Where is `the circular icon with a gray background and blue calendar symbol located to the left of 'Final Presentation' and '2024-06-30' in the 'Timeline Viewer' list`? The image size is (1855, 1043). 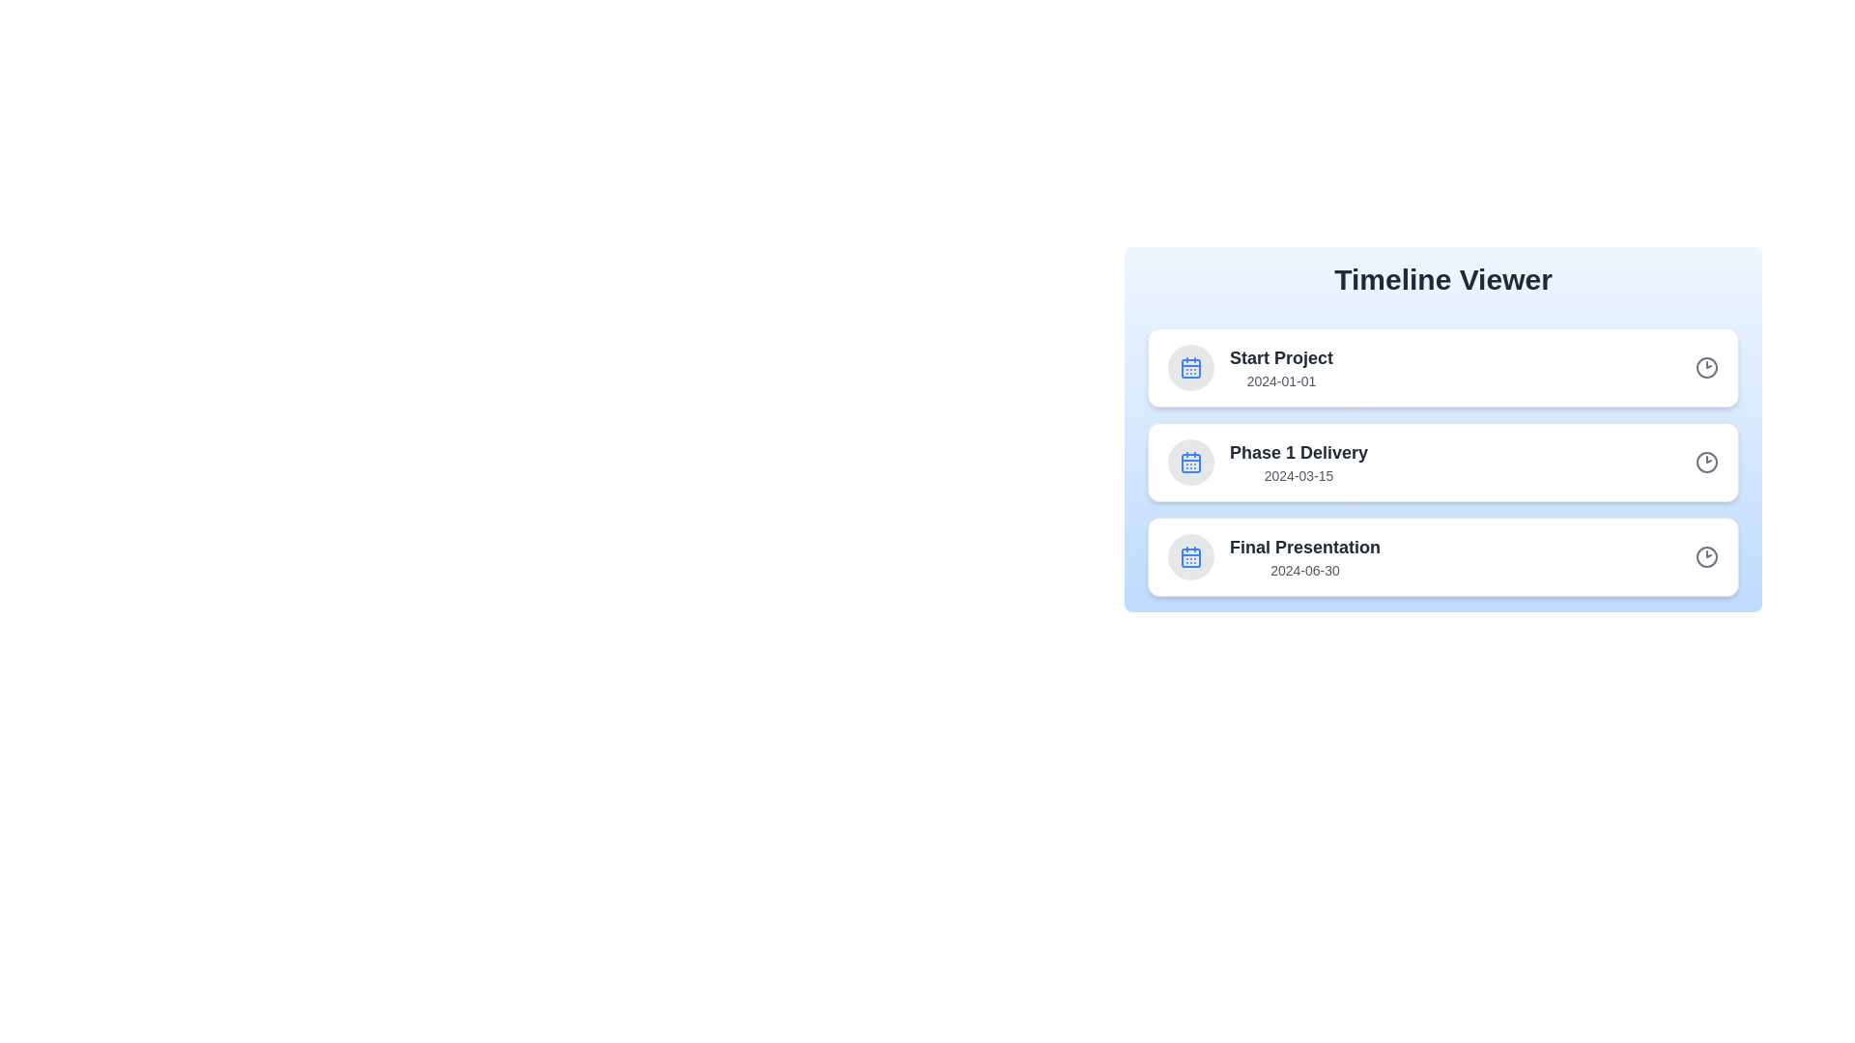 the circular icon with a gray background and blue calendar symbol located to the left of 'Final Presentation' and '2024-06-30' in the 'Timeline Viewer' list is located at coordinates (1190, 557).